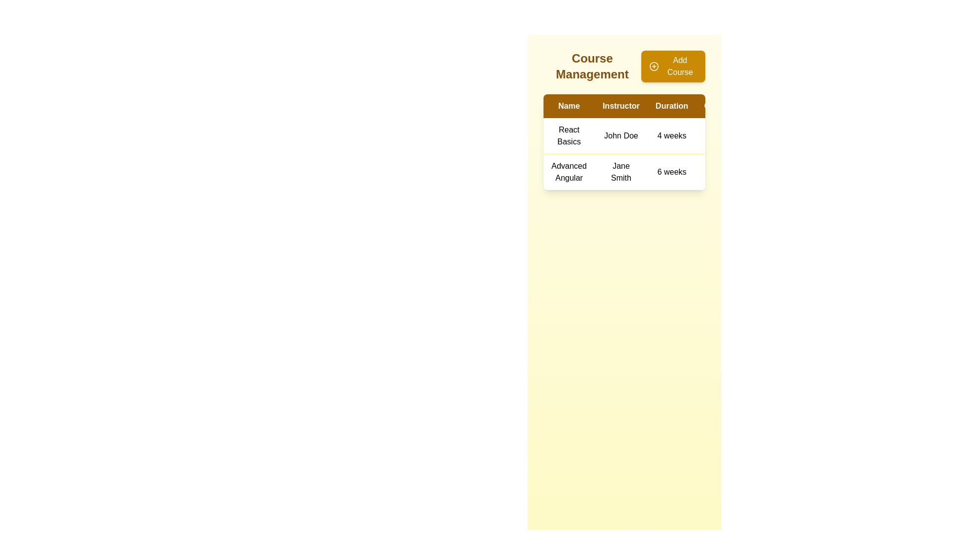 The image size is (953, 536). I want to click on the 'Add Course' button, so click(673, 67).